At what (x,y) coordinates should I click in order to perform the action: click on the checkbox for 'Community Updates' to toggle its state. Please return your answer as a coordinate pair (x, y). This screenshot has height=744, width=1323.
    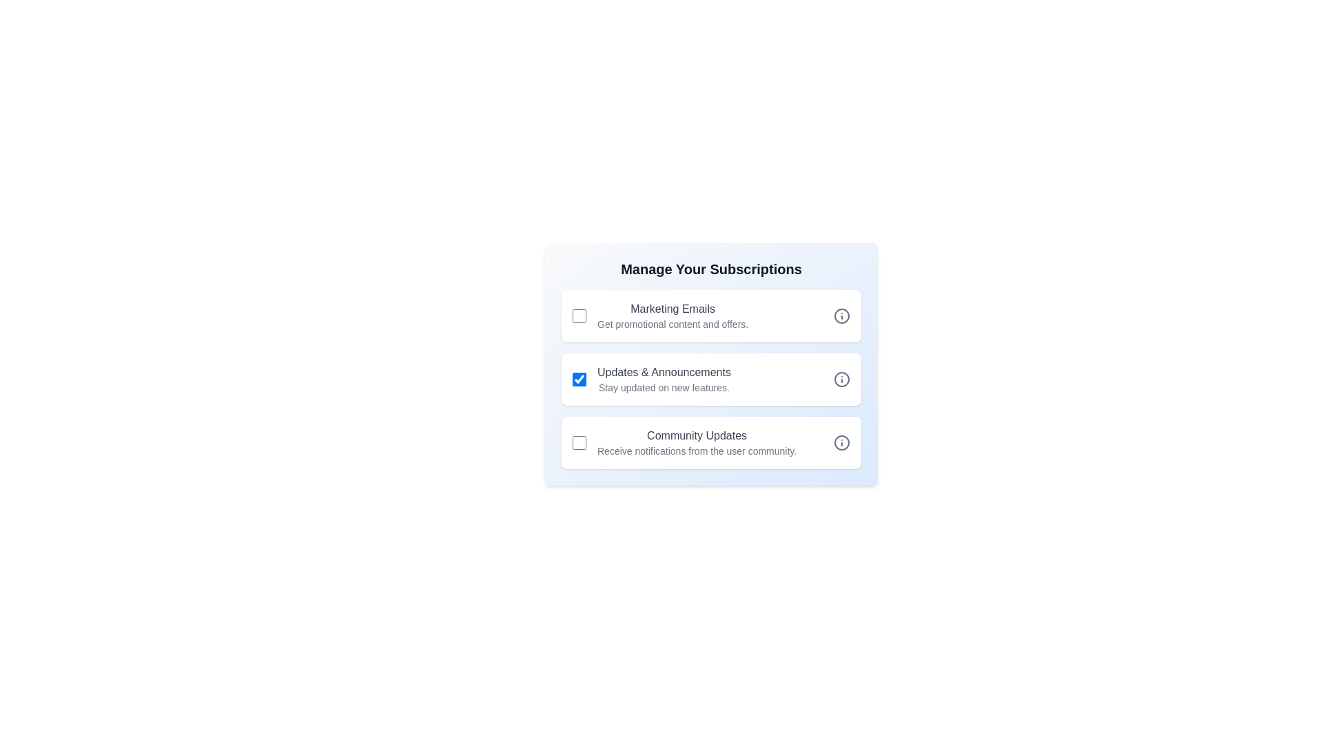
    Looking at the image, I should click on (579, 443).